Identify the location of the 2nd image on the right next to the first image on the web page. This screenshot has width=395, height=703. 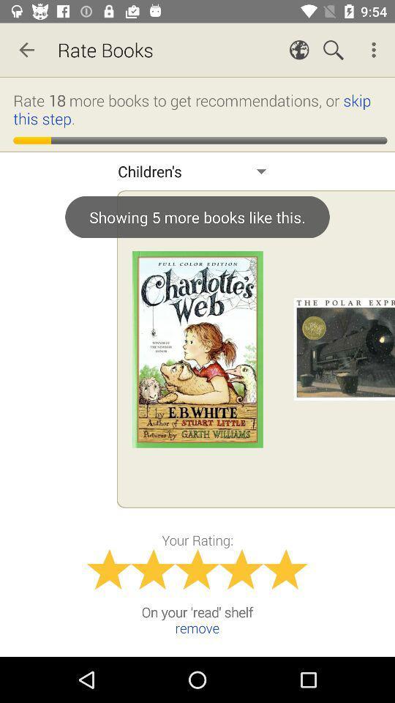
(344, 349).